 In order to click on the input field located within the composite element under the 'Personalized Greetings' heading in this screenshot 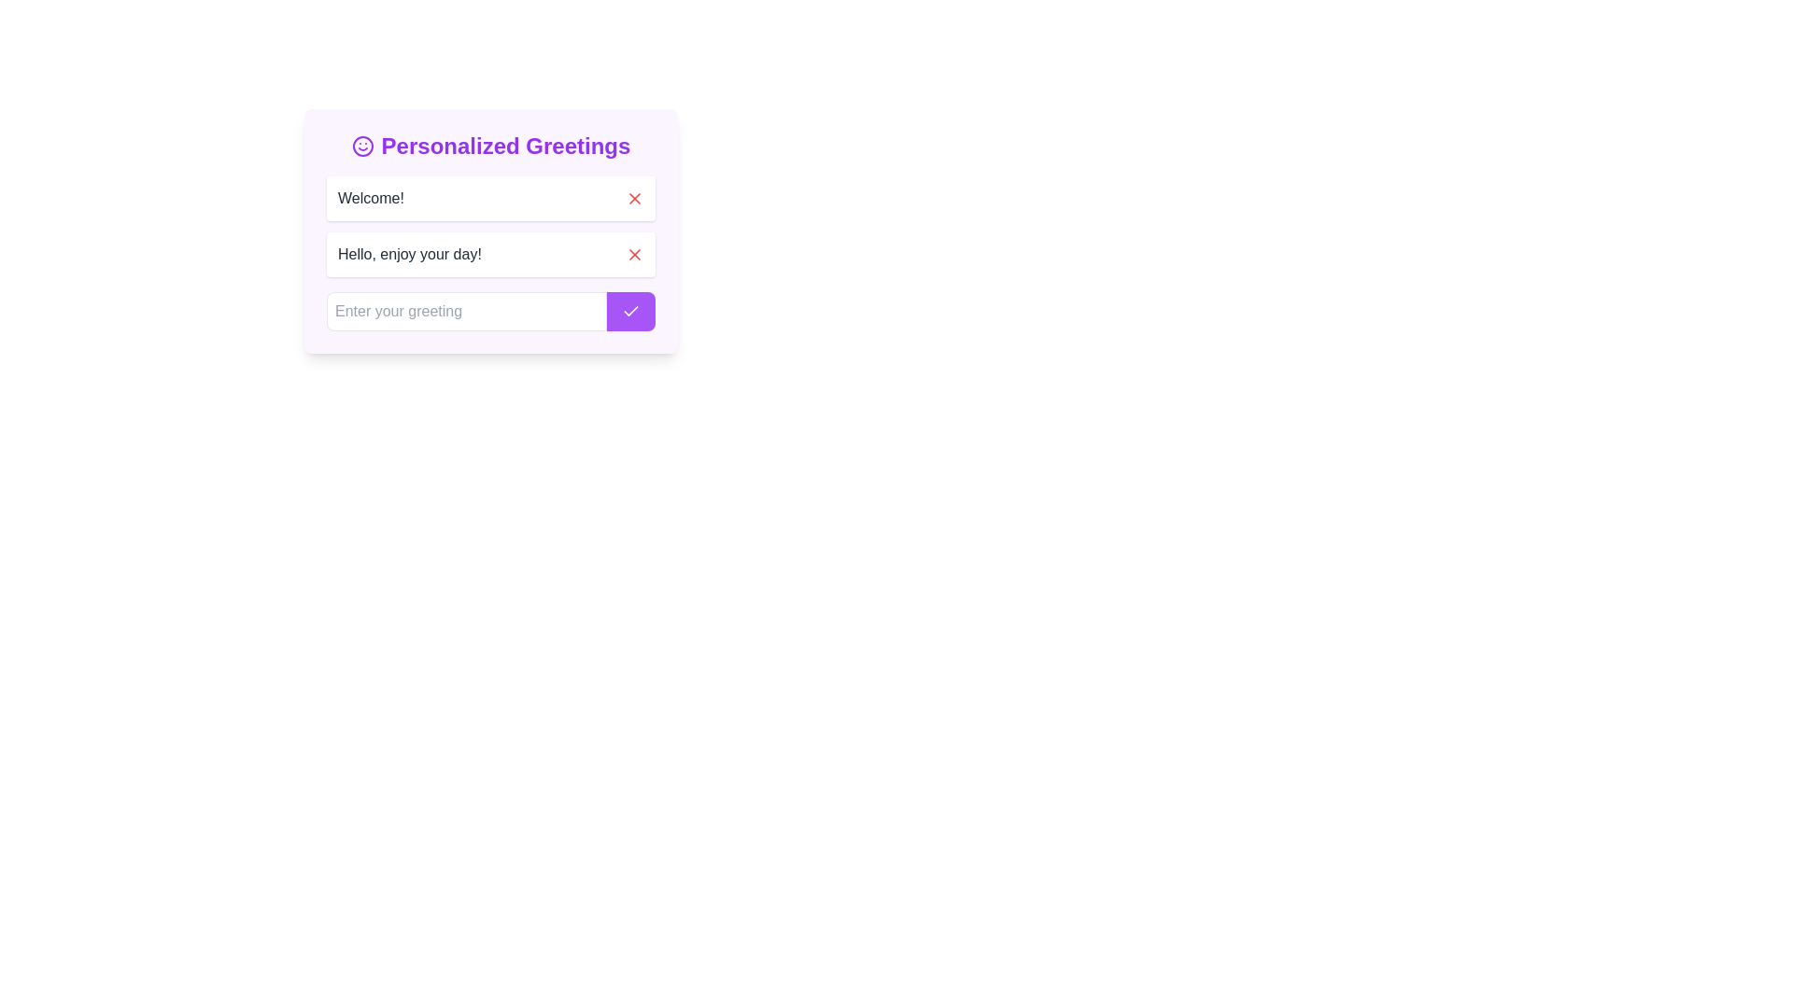, I will do `click(491, 311)`.